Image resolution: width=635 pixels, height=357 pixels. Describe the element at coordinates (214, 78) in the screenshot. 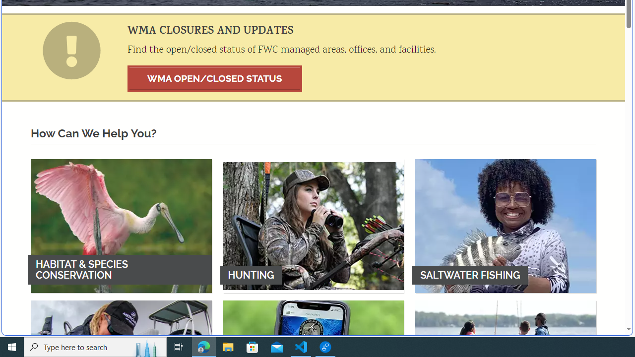

I see `'WMA OPEN/CLOSED STATUS'` at that location.